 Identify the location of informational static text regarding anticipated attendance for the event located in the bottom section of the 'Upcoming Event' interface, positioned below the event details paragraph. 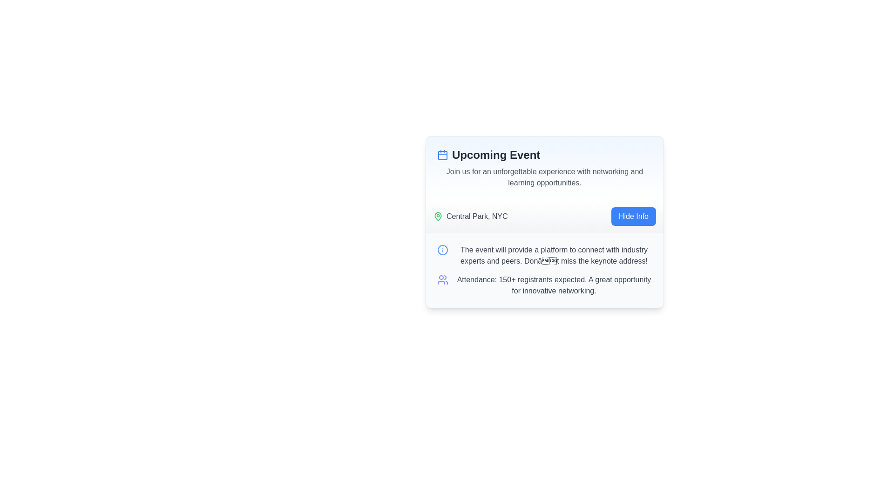
(554, 285).